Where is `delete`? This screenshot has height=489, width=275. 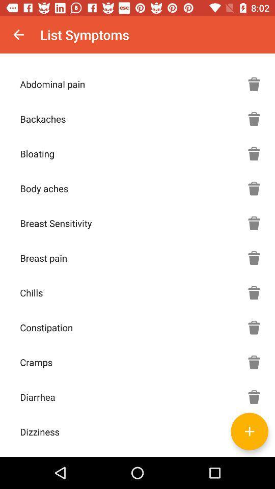 delete is located at coordinates (254, 396).